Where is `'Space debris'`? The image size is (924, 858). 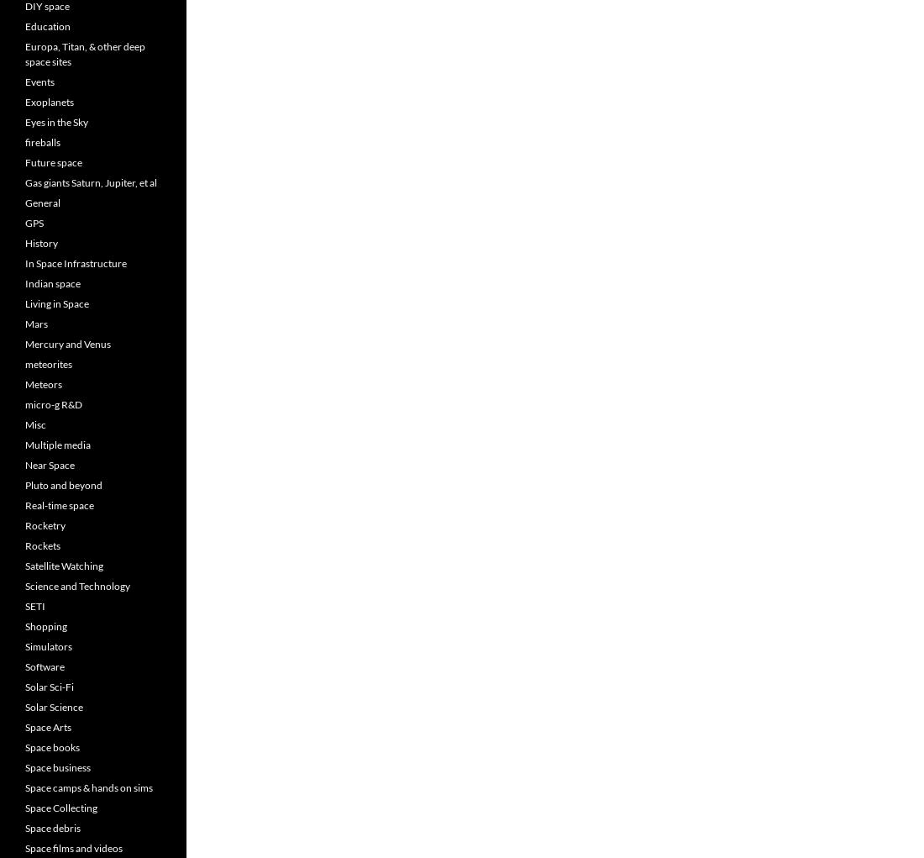 'Space debris' is located at coordinates (24, 828).